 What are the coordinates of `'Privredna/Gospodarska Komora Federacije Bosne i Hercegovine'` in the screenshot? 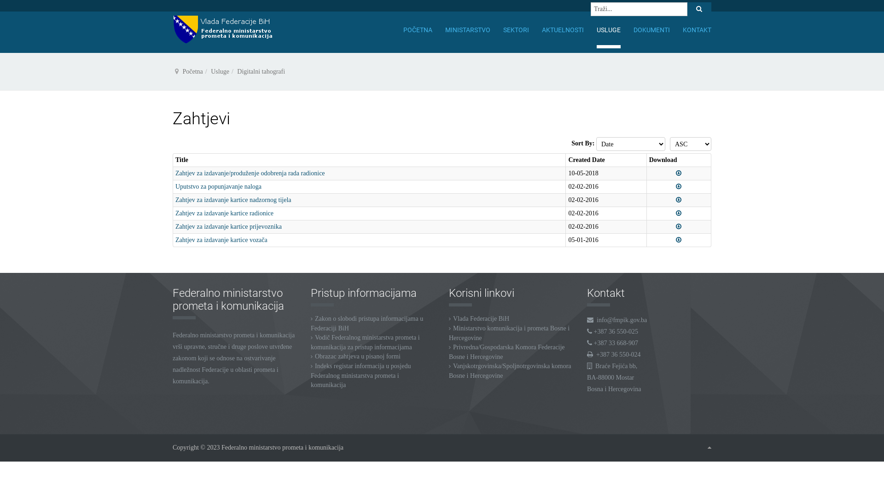 It's located at (448, 352).